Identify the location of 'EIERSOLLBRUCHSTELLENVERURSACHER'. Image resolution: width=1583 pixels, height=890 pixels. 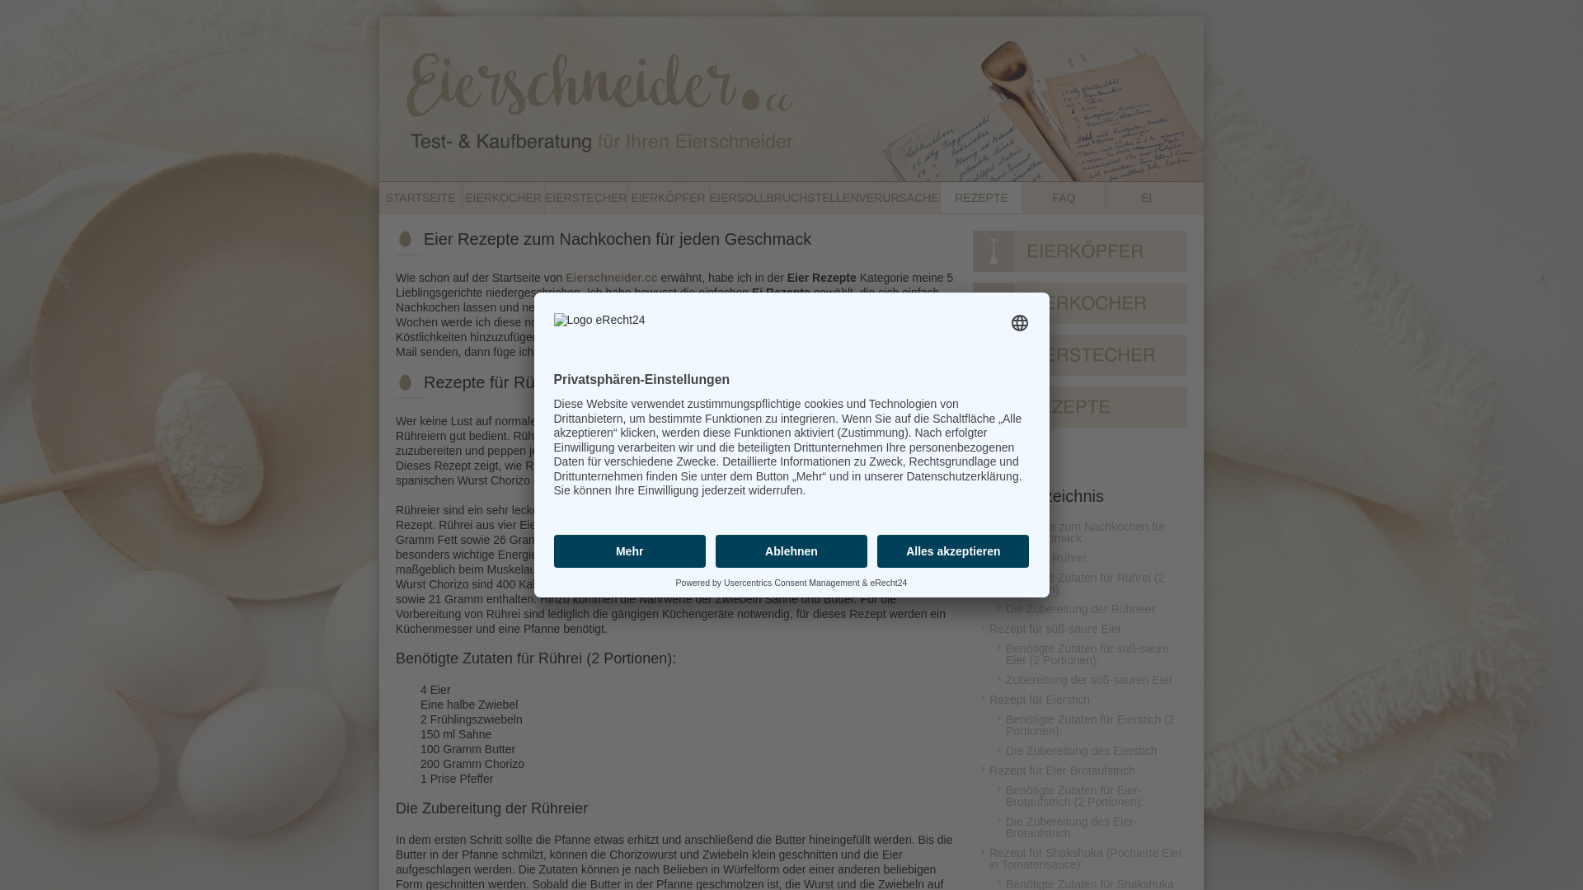
(824, 196).